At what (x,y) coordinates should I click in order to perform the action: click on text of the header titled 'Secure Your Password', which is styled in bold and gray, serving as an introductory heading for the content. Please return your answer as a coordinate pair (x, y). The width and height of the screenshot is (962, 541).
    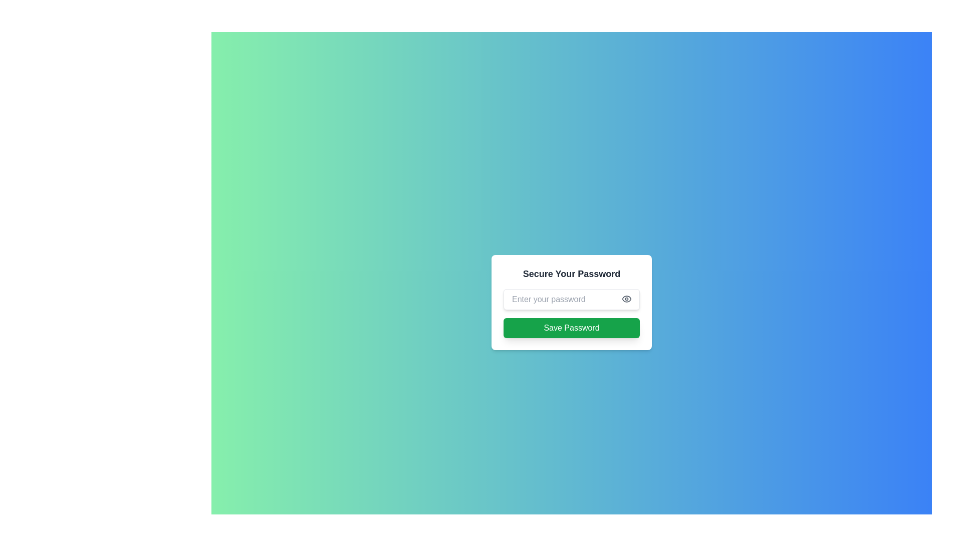
    Looking at the image, I should click on (572, 274).